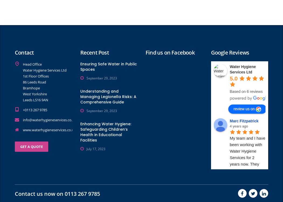 This screenshot has width=283, height=202. What do you see at coordinates (31, 88) in the screenshot?
I see `'Bramhope'` at bounding box center [31, 88].